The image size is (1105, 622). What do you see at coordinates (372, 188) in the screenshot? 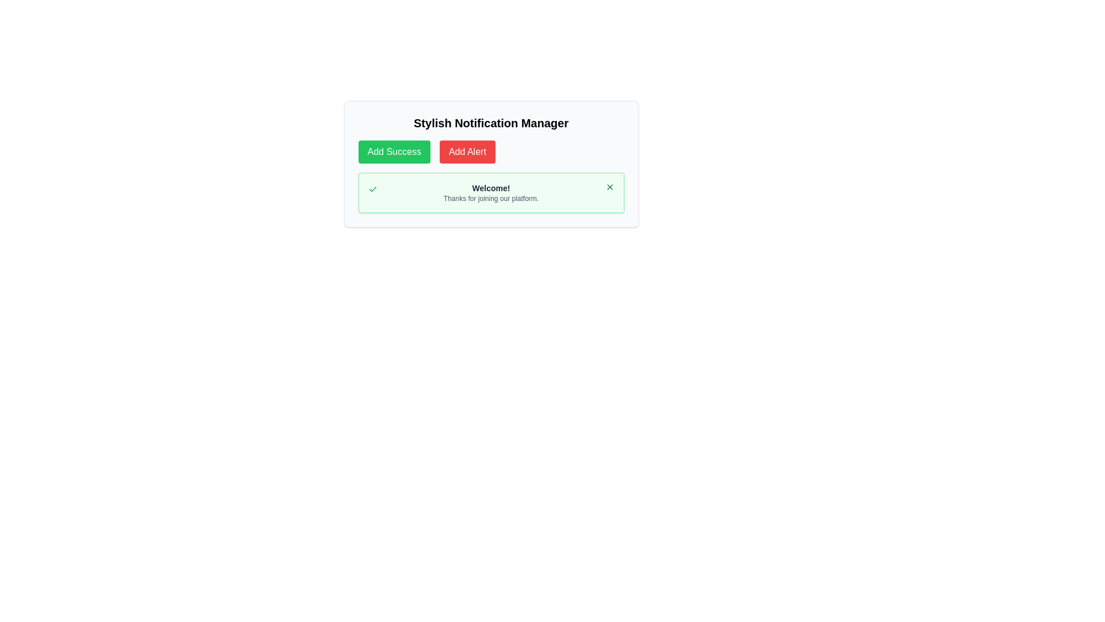
I see `the green checkmark SVG icon located in the top-left corner of the green notification box that contains the text 'Welcome! Thanks for joining our platform.'` at bounding box center [372, 188].